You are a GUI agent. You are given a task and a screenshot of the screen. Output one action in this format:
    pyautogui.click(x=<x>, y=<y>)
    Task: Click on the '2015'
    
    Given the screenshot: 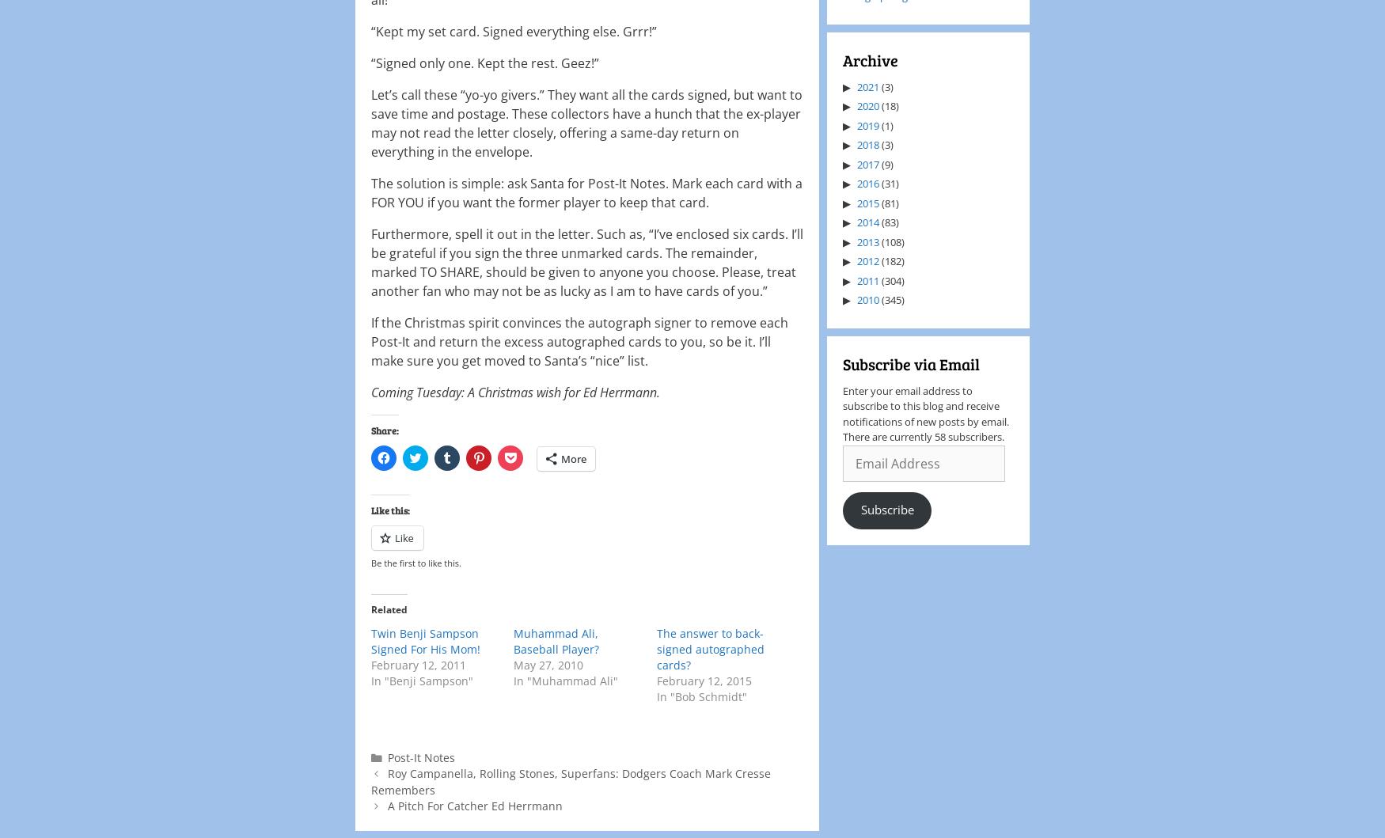 What is the action you would take?
    pyautogui.click(x=868, y=202)
    